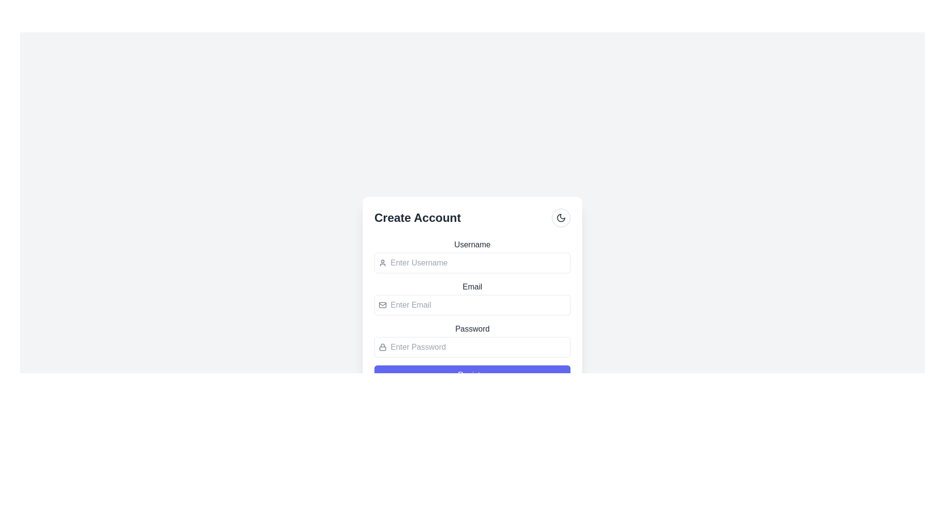 This screenshot has height=529, width=941. Describe the element at coordinates (472, 305) in the screenshot. I see `the email input field` at that location.